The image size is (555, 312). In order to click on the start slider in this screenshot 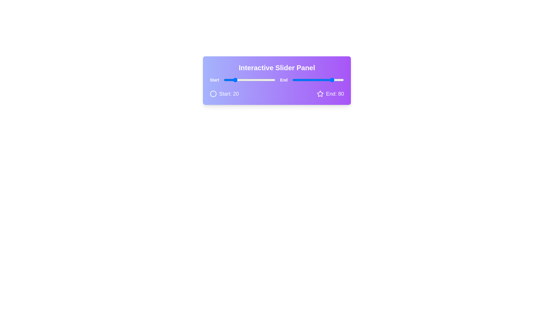, I will do `click(247, 80)`.